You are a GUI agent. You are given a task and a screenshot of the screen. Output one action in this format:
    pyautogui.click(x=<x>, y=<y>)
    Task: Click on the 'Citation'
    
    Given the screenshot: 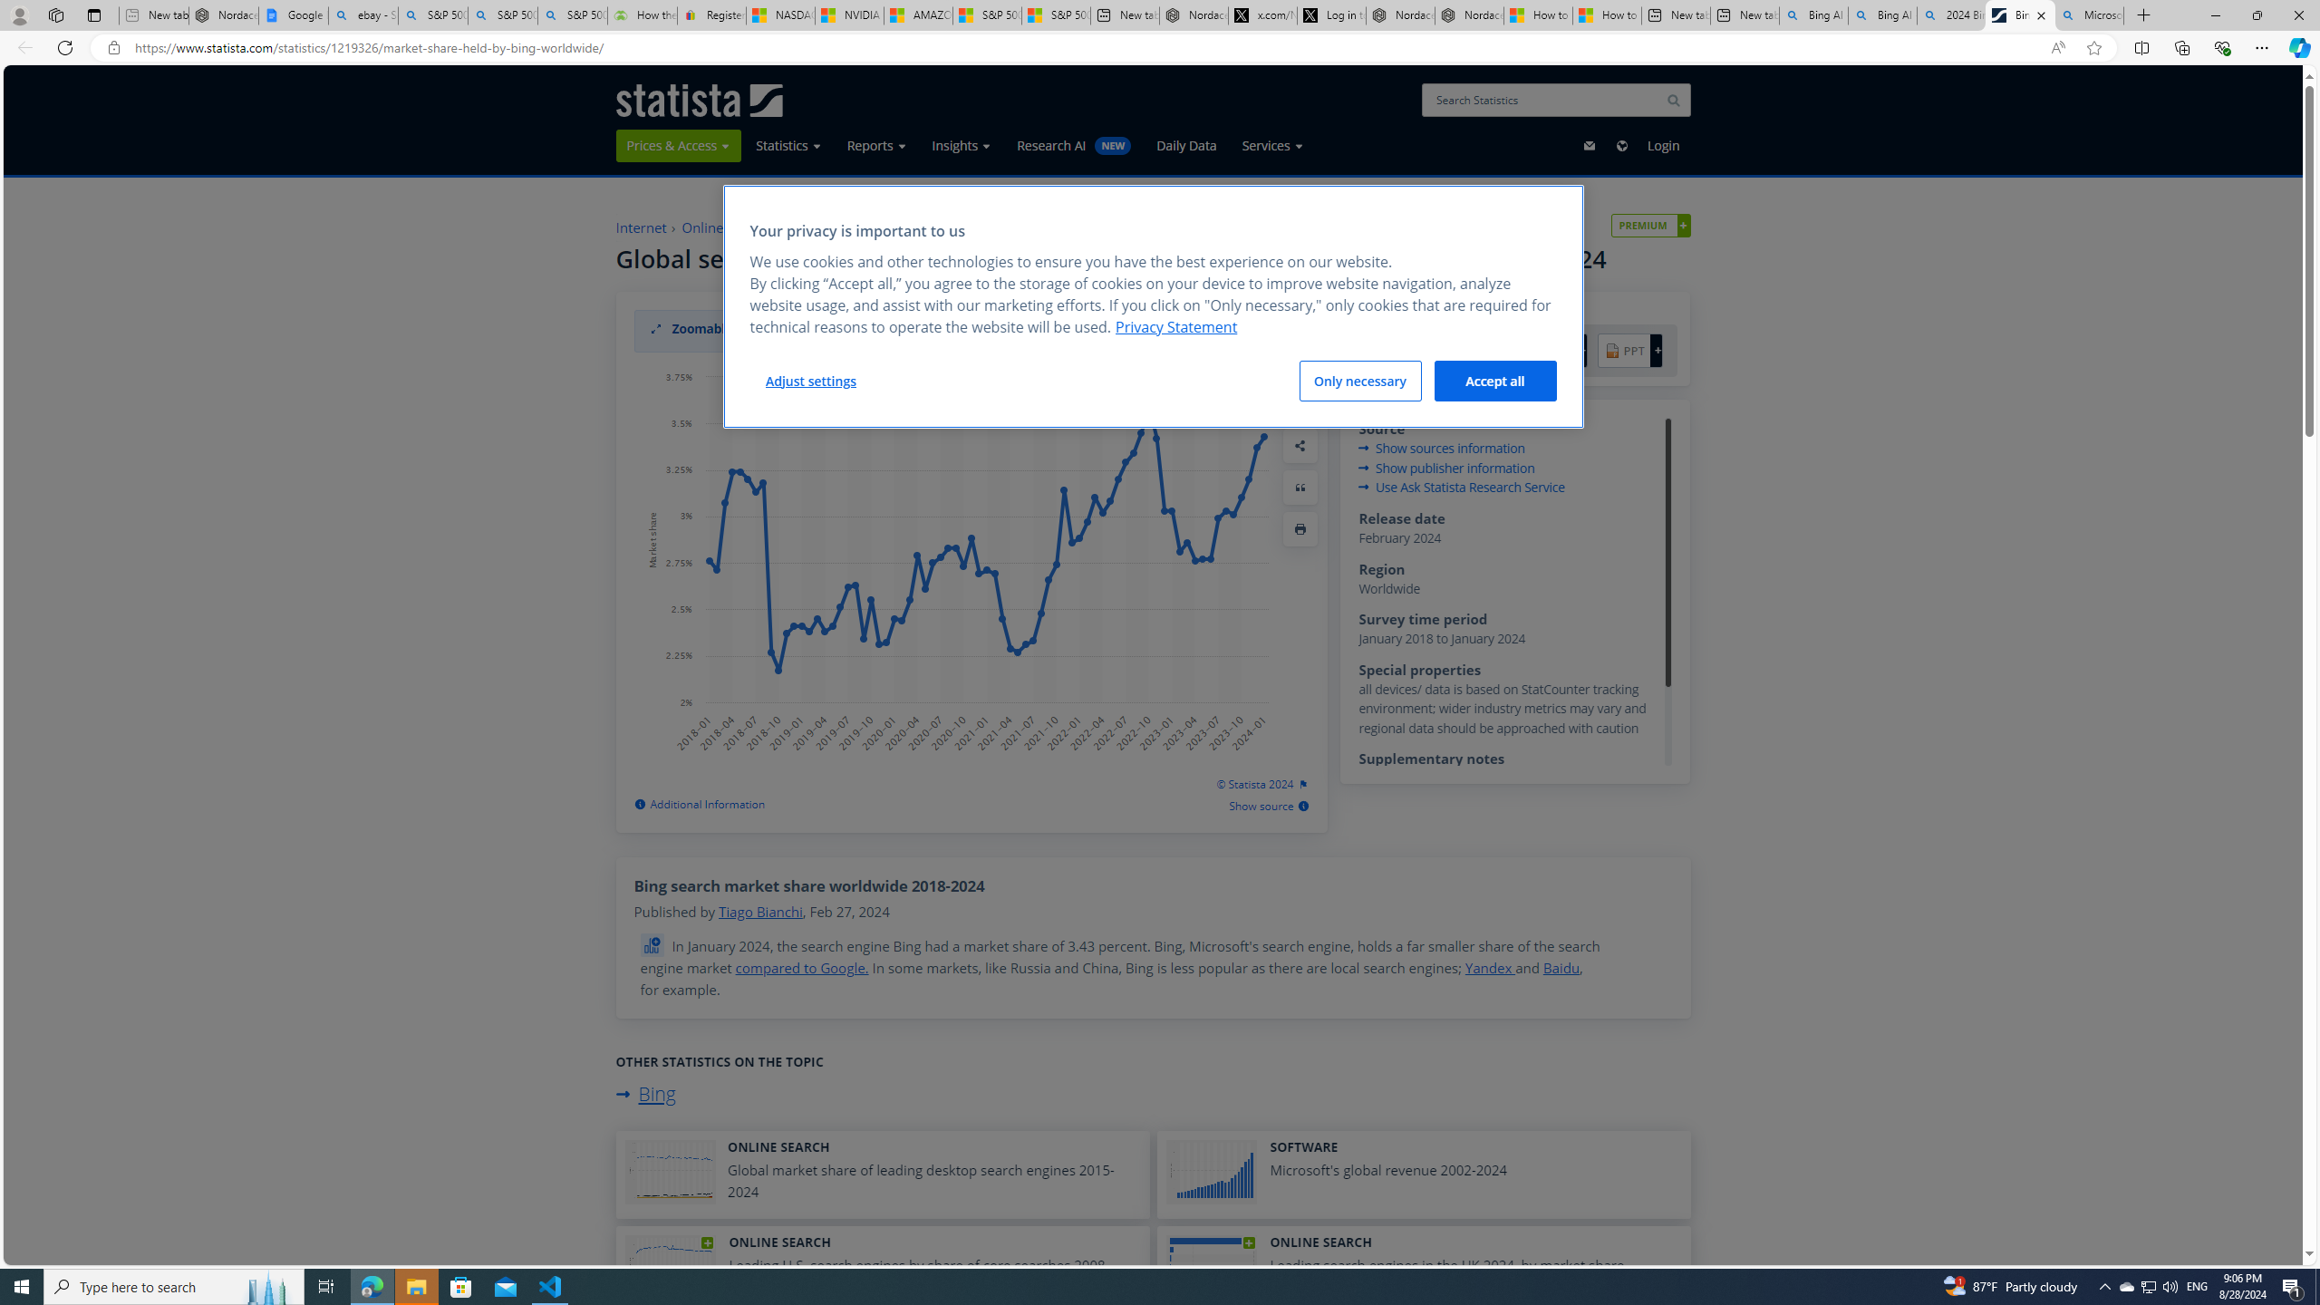 What is the action you would take?
    pyautogui.click(x=1300, y=486)
    